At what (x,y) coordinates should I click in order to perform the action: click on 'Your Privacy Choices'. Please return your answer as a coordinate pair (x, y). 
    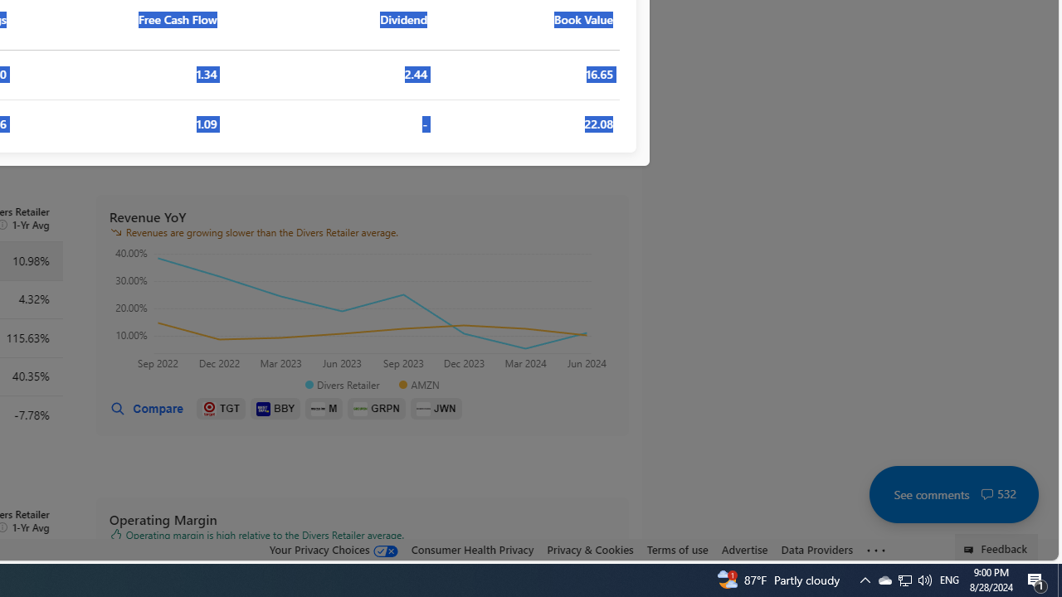
    Looking at the image, I should click on (332, 550).